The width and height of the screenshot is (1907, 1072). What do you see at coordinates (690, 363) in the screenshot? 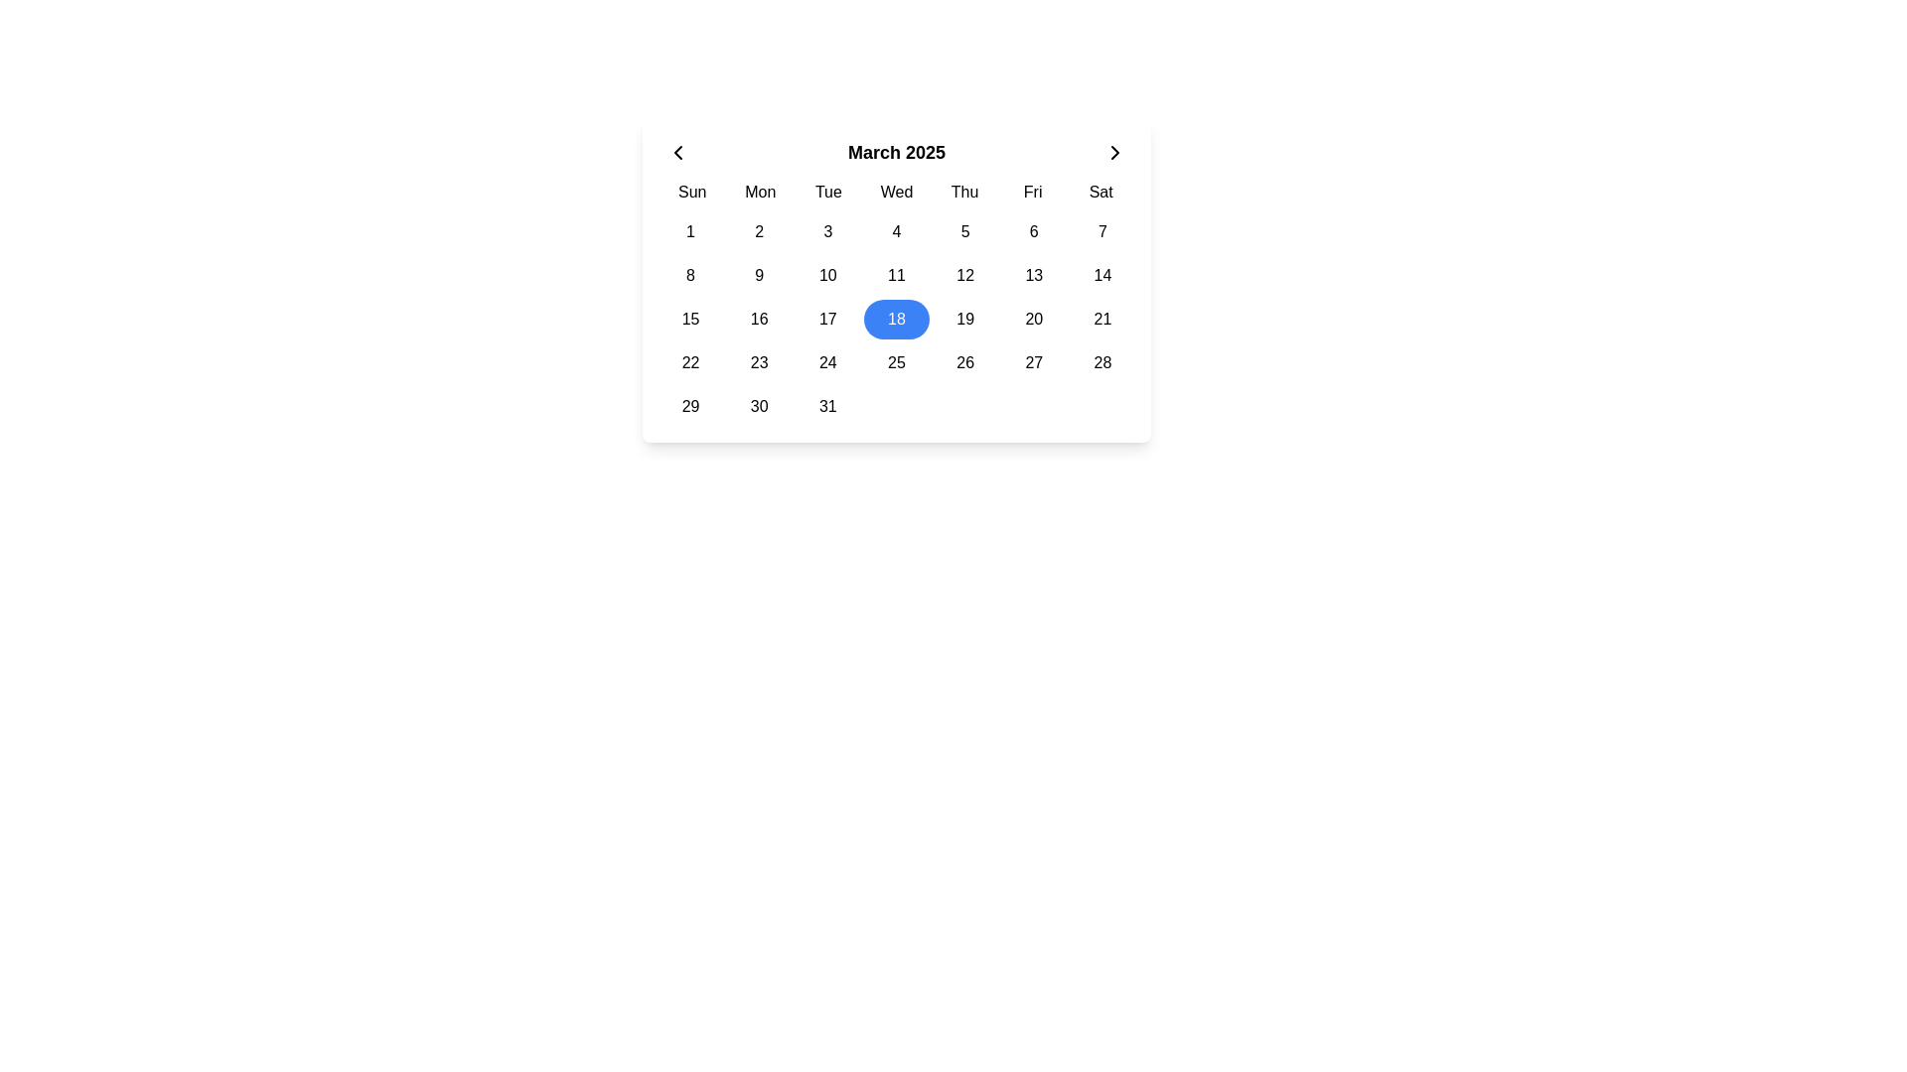
I see `the button displaying '22' in black text on a white background to trigger the hover effect with a blue background` at bounding box center [690, 363].